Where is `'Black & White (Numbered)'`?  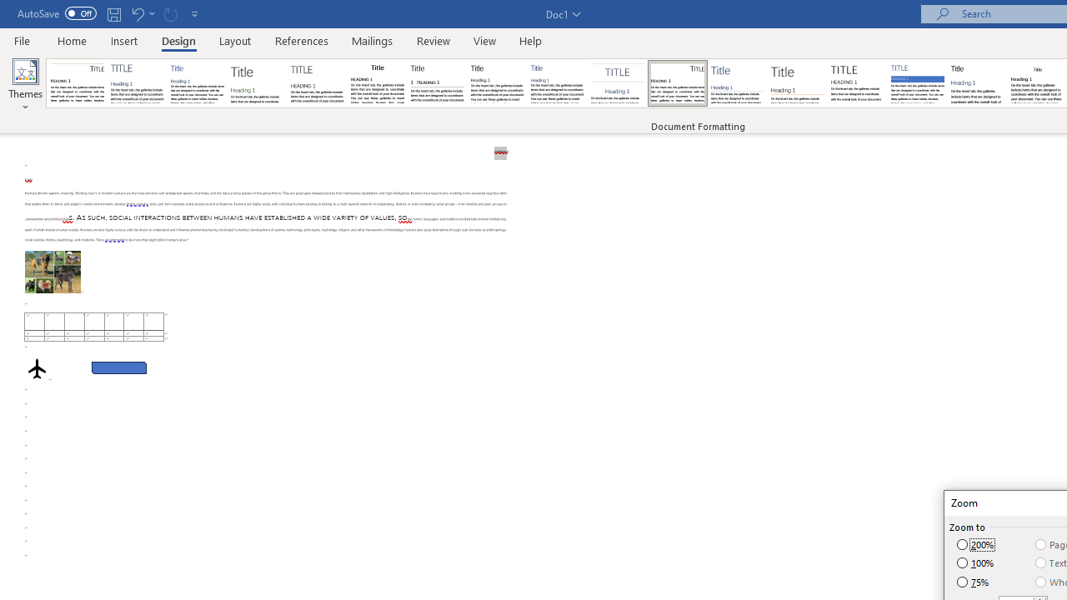
'Black & White (Numbered)' is located at coordinates (437, 83).